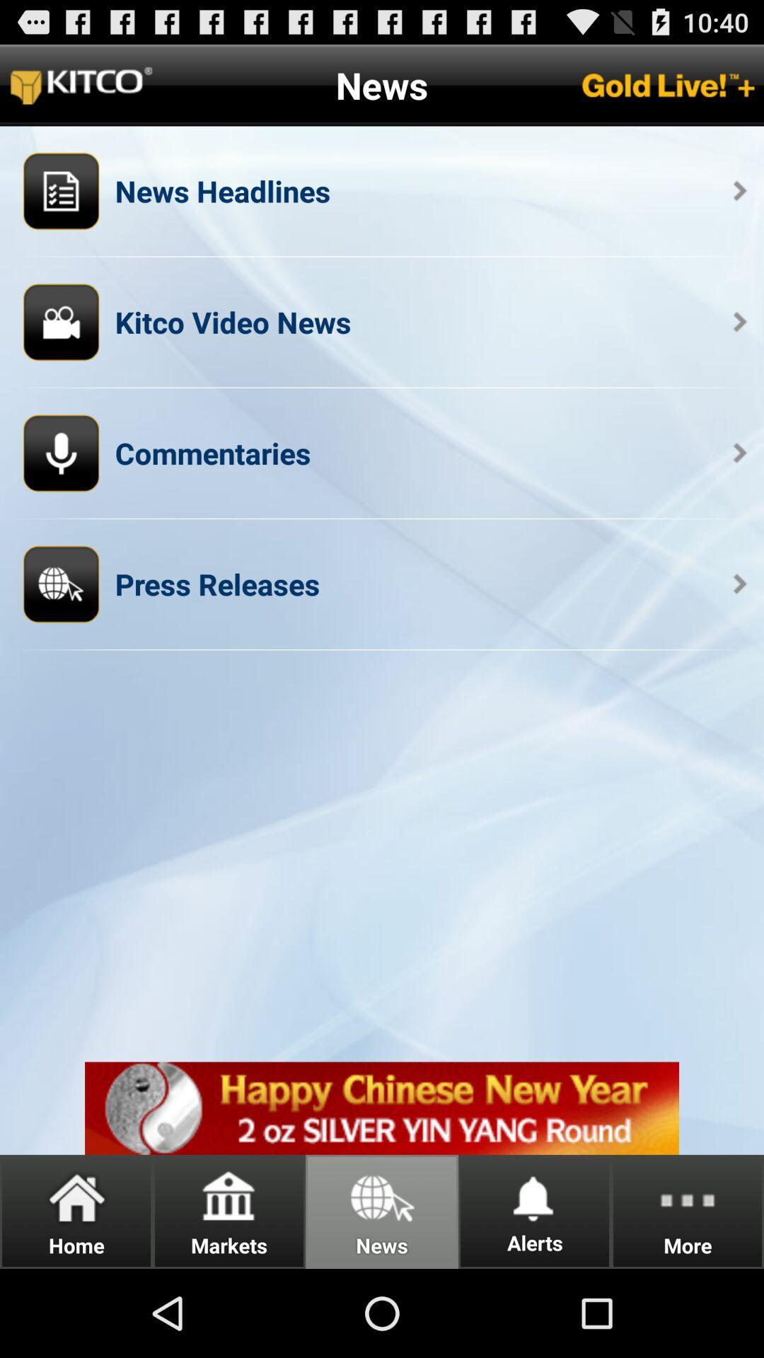  I want to click on adventisment page, so click(382, 1108).